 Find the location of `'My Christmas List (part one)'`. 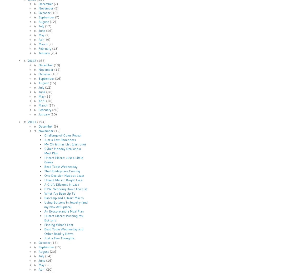

'My Christmas List (part one)' is located at coordinates (65, 144).